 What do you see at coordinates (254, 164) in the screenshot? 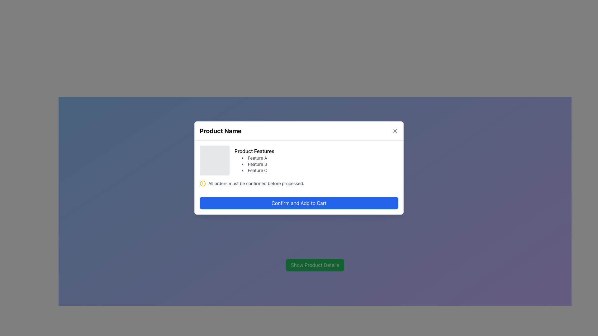
I see `the text label displaying 'Feature B' in a vertical list of product features` at bounding box center [254, 164].